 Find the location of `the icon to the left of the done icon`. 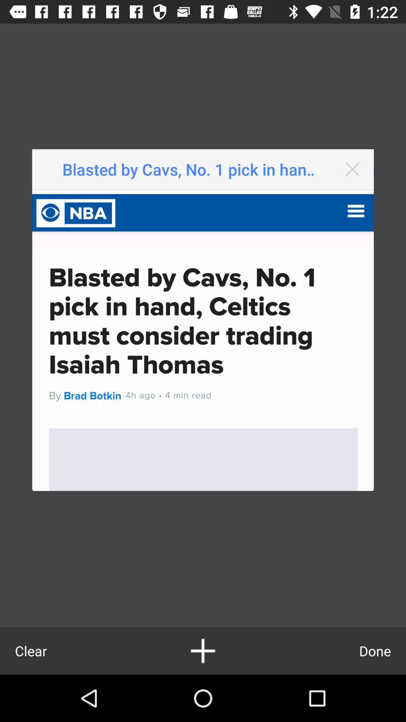

the icon to the left of the done icon is located at coordinates (203, 651).